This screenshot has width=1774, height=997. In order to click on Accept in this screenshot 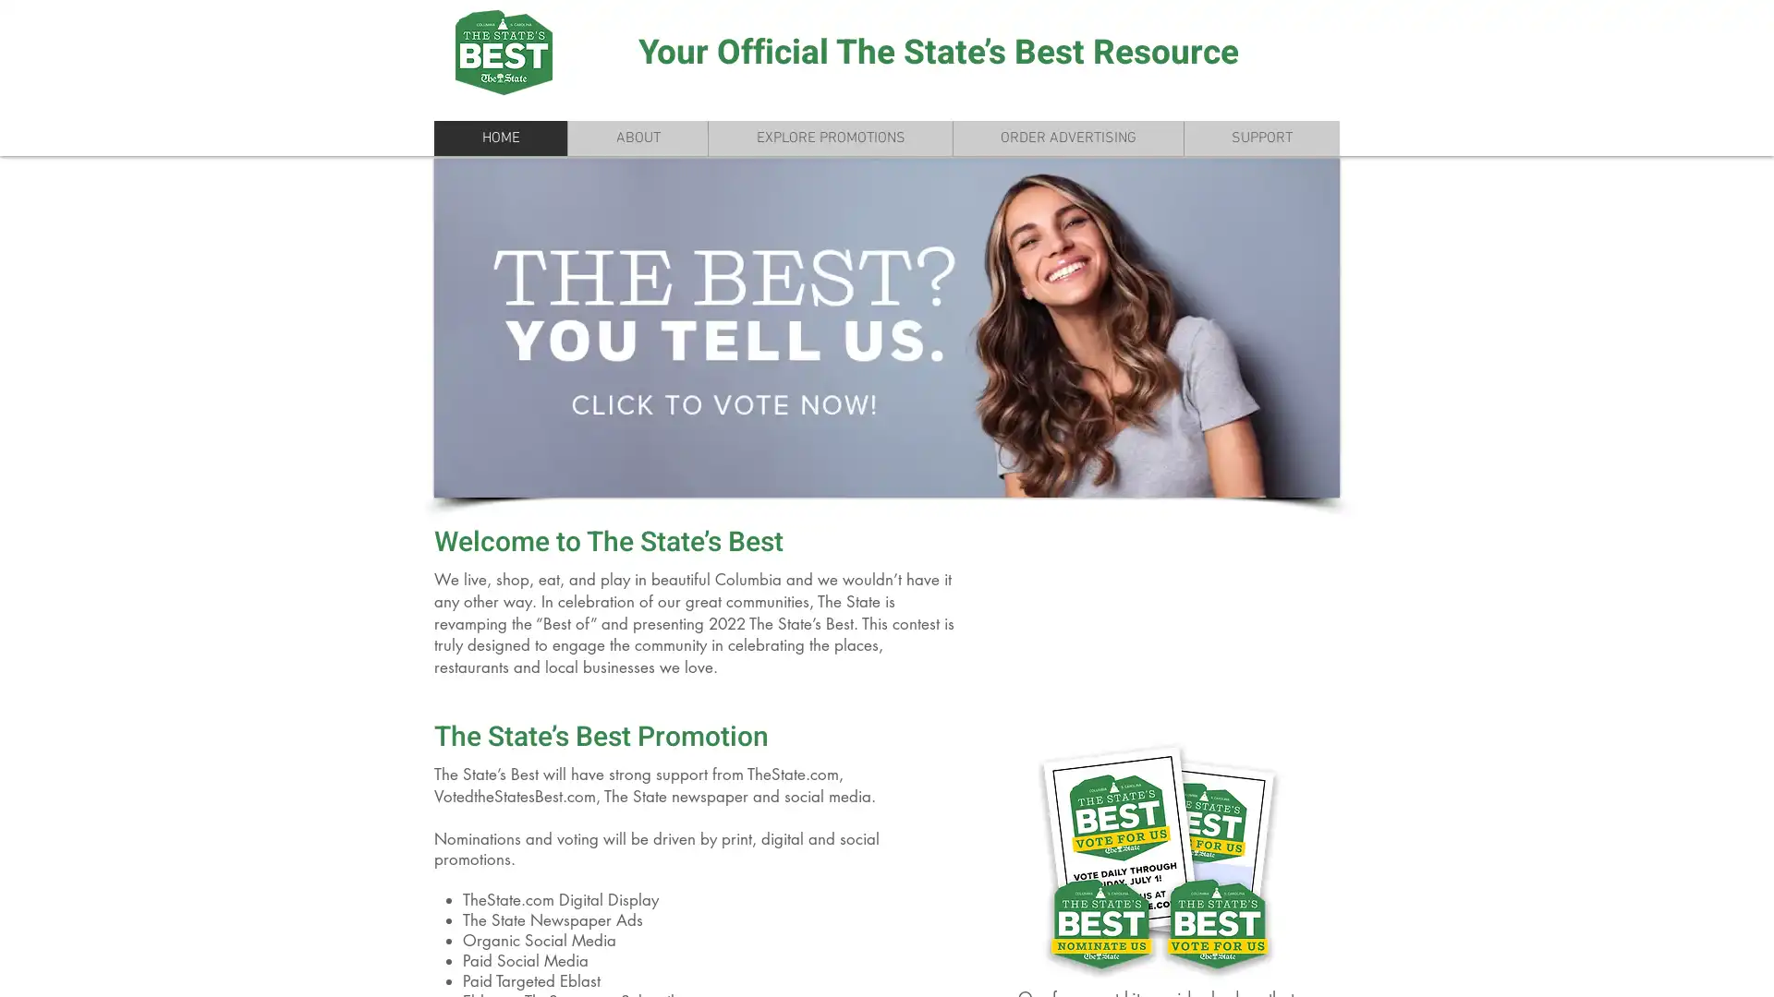, I will do `click(1691, 967)`.